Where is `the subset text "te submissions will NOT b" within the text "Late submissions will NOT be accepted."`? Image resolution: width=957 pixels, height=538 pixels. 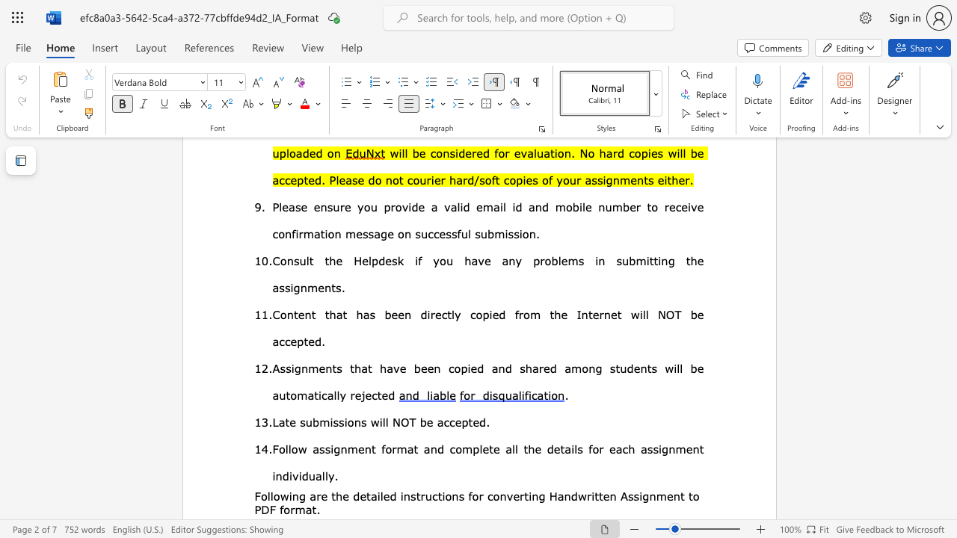 the subset text "te submissions will NOT b" within the text "Late submissions will NOT be accepted." is located at coordinates (285, 421).